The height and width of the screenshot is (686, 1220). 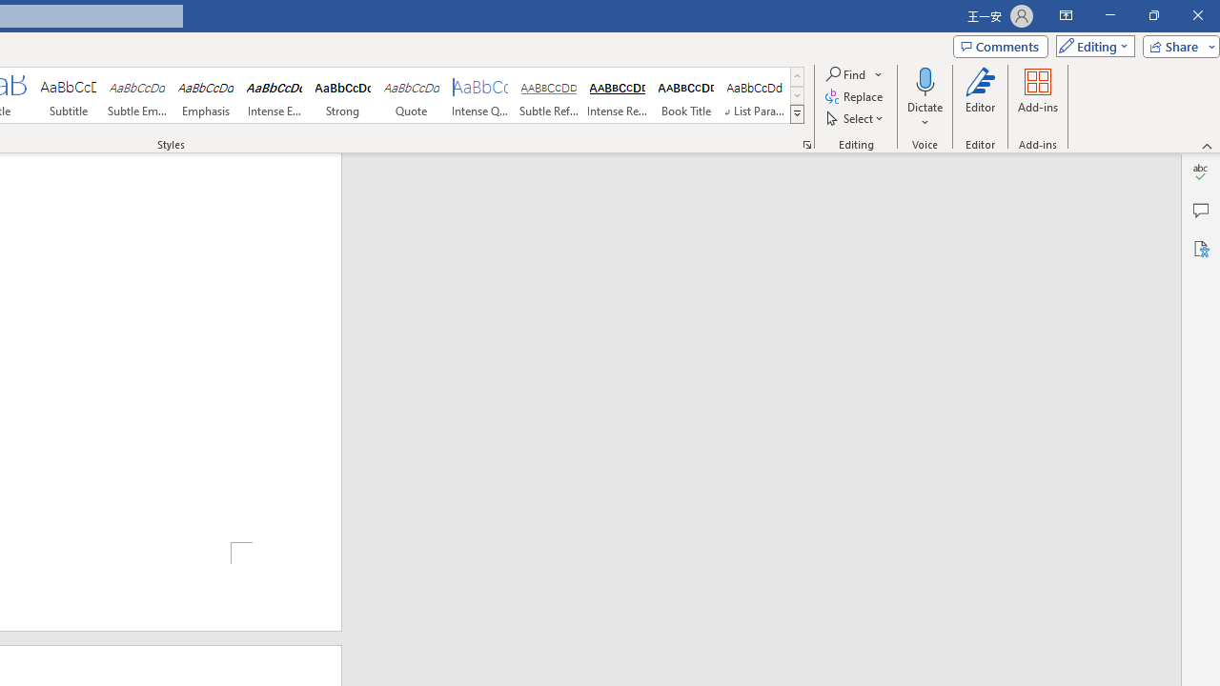 I want to click on 'Intense Reference', so click(x=617, y=95).